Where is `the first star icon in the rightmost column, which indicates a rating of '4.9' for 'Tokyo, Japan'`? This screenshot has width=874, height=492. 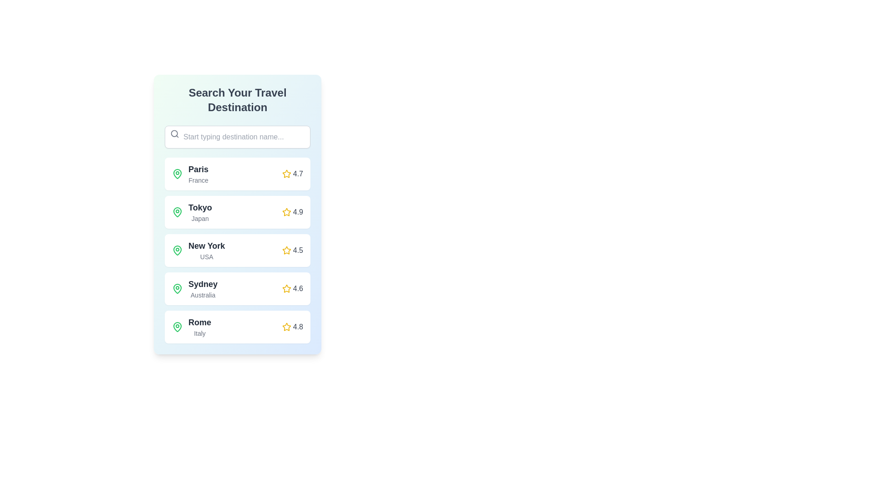
the first star icon in the rightmost column, which indicates a rating of '4.9' for 'Tokyo, Japan' is located at coordinates (286, 174).